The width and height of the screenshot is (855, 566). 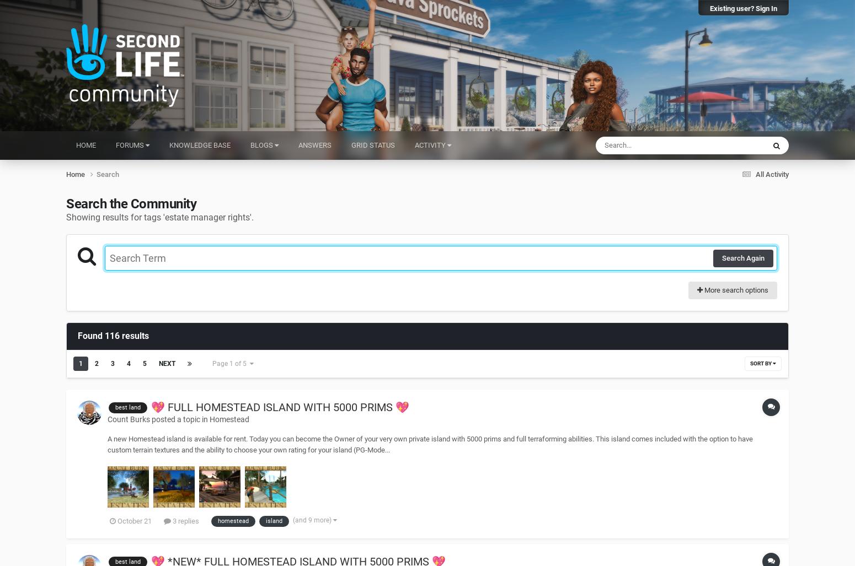 What do you see at coordinates (718, 240) in the screenshot?
I see `'Knowledge Base Articles'` at bounding box center [718, 240].